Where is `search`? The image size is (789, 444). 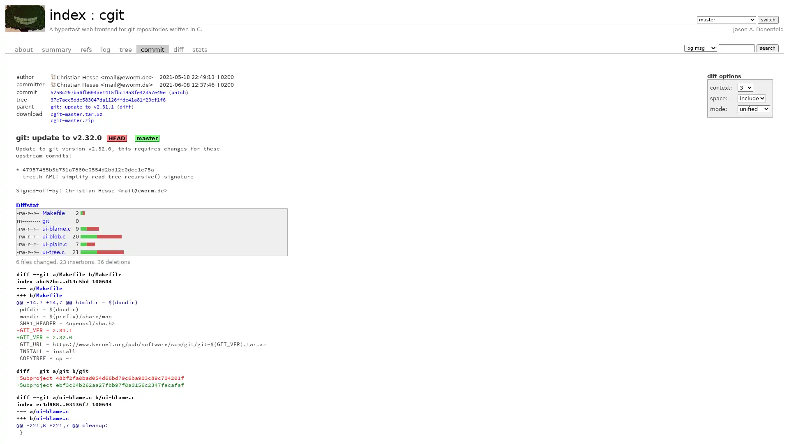
search is located at coordinates (767, 48).